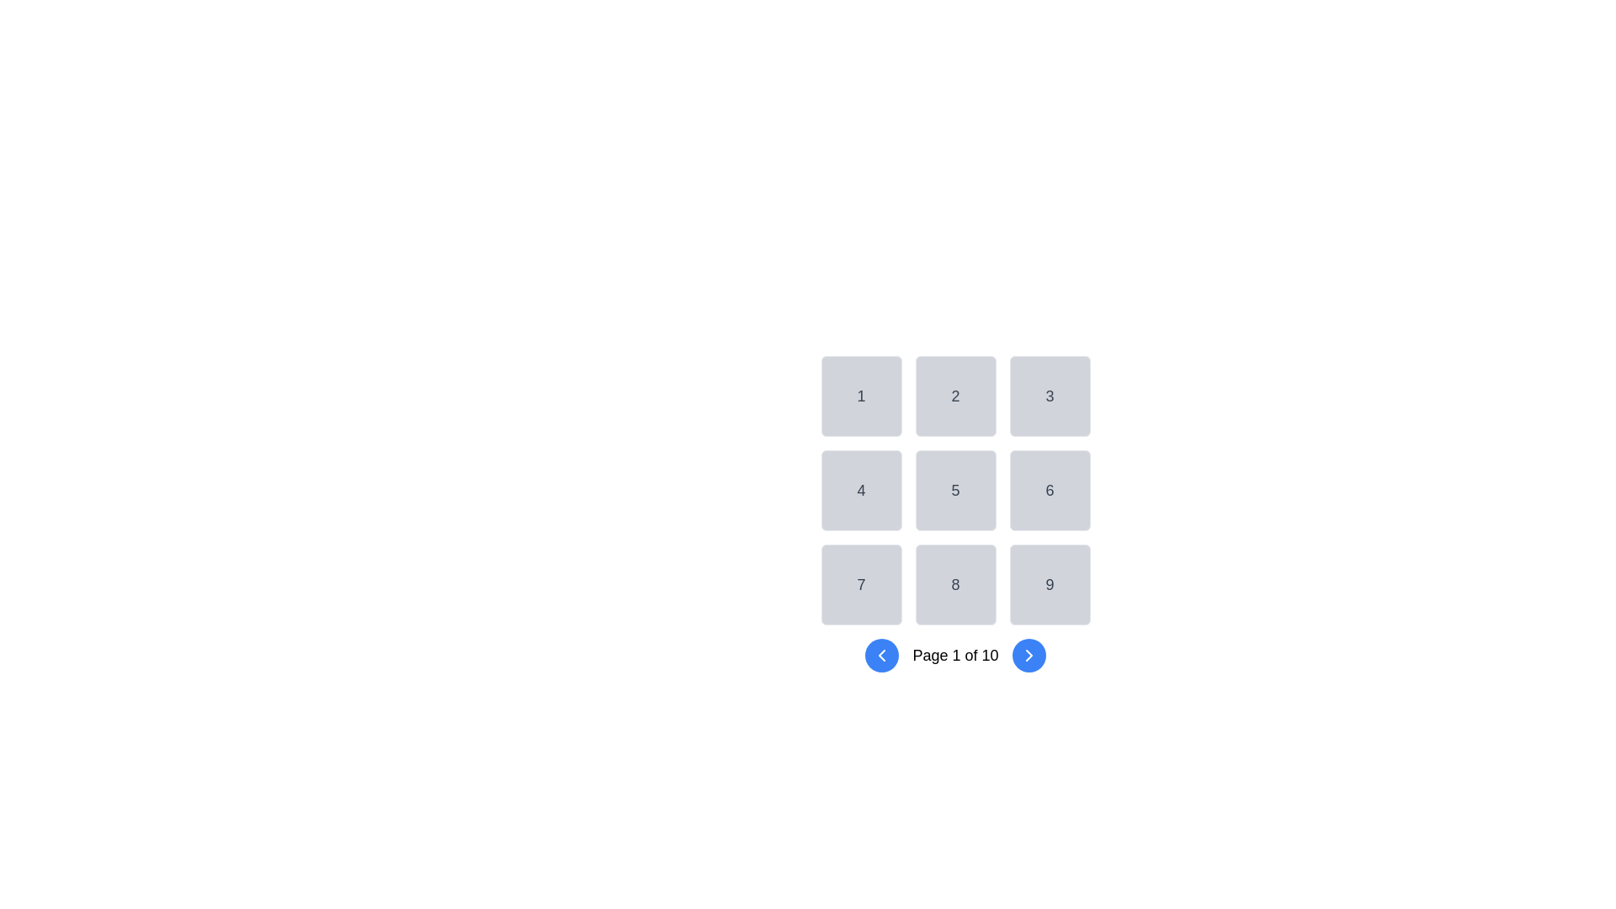  Describe the element at coordinates (955, 583) in the screenshot. I see `the static grid item button with a bold number '8' on a light gray background, located in the 8th slot of a 3x3 grid layout` at that location.